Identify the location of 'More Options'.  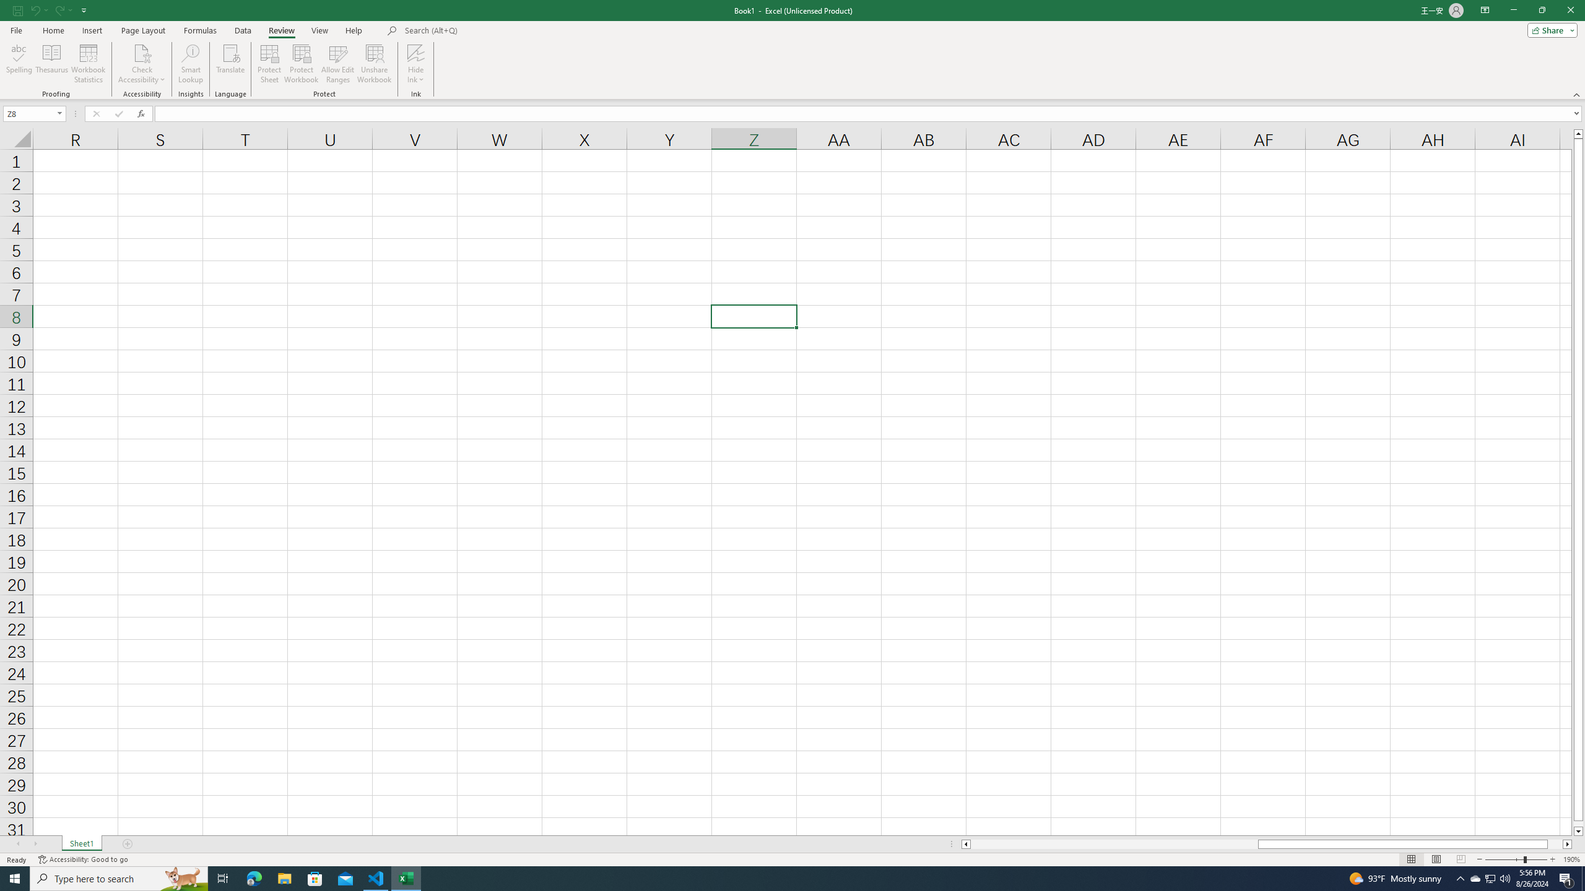
(416, 74).